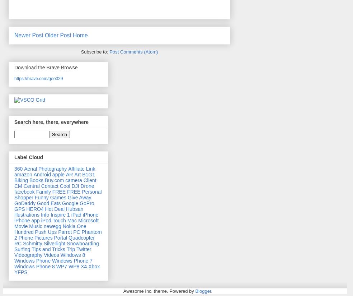 The height and width of the screenshot is (296, 353). I want to click on 'amazon', so click(23, 174).